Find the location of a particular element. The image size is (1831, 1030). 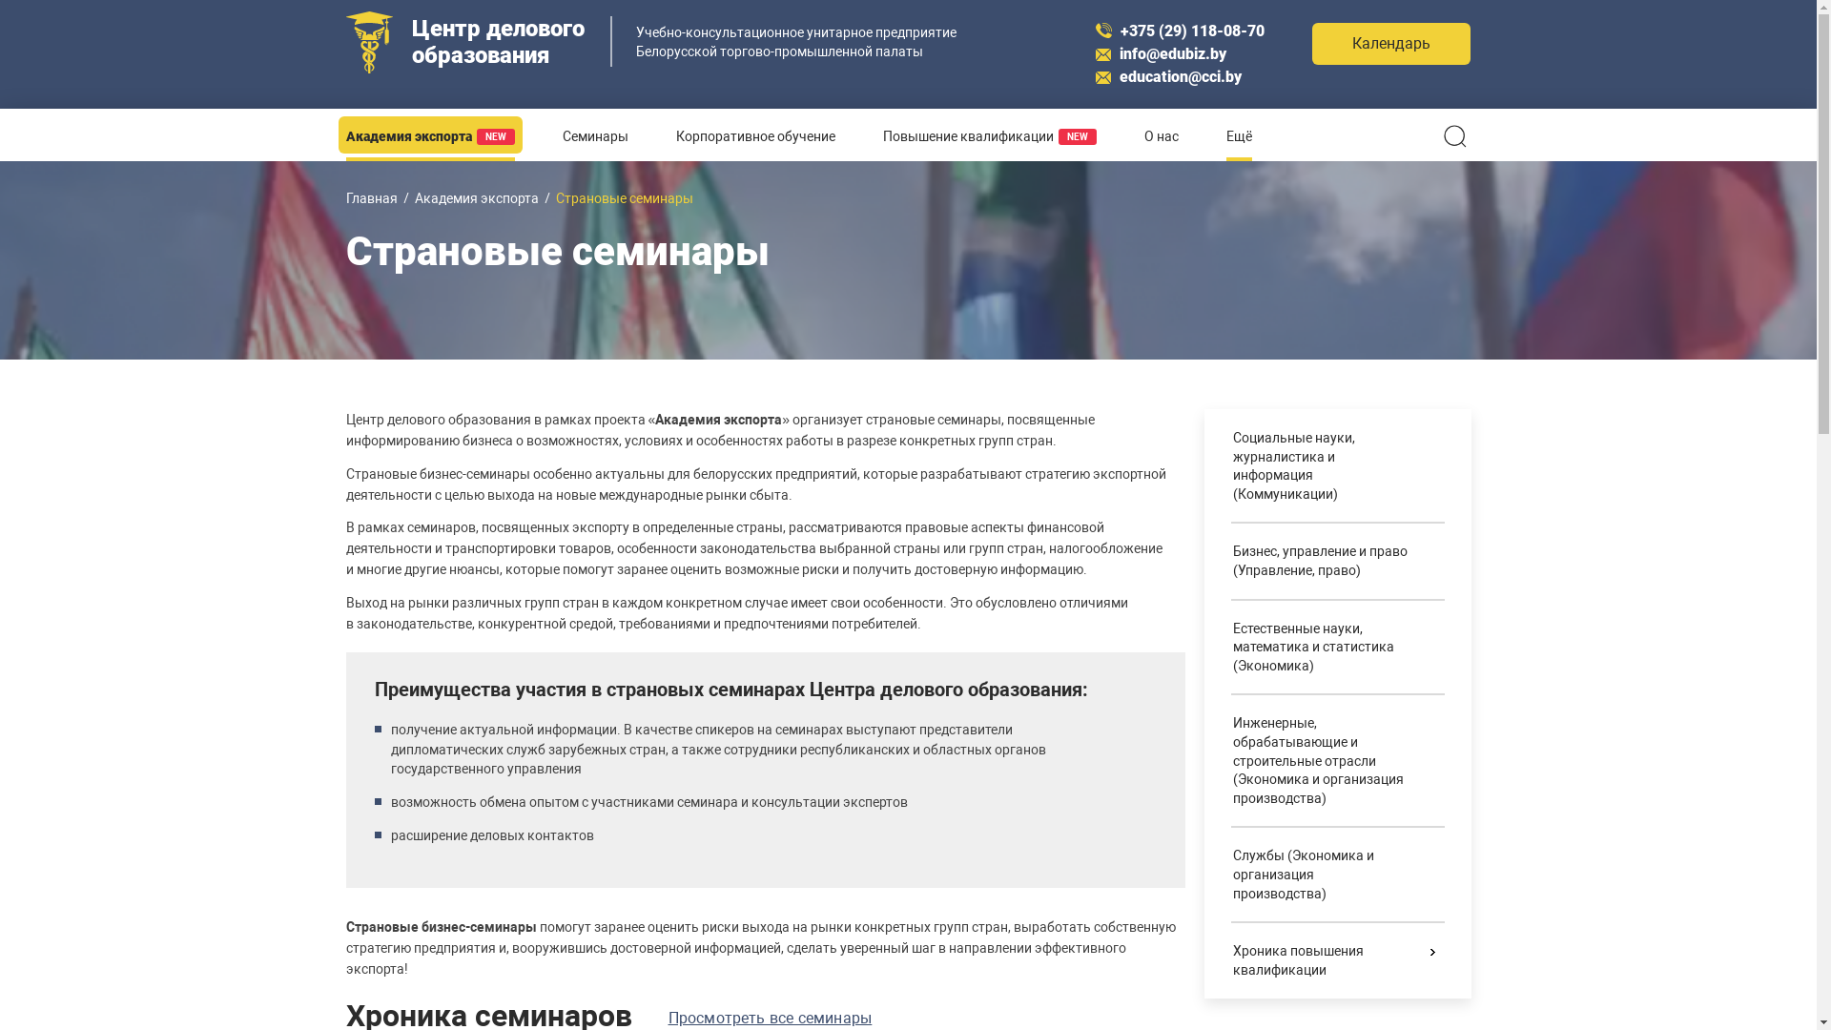

'+375 (29) 118-08-70' is located at coordinates (1179, 31).